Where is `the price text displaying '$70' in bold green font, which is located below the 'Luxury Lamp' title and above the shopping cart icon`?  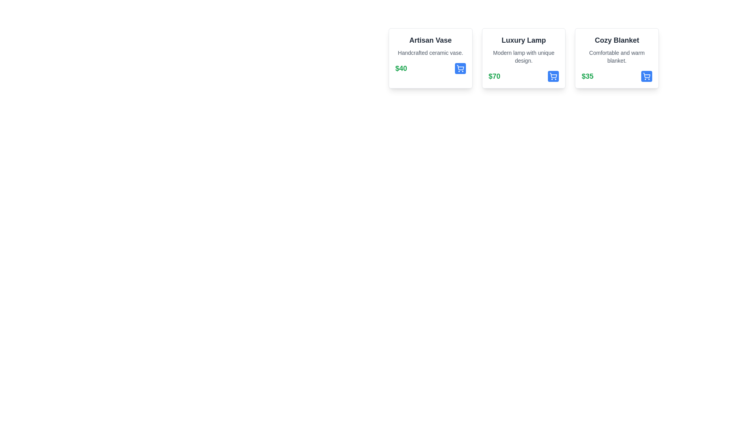 the price text displaying '$70' in bold green font, which is located below the 'Luxury Lamp' title and above the shopping cart icon is located at coordinates (494, 76).